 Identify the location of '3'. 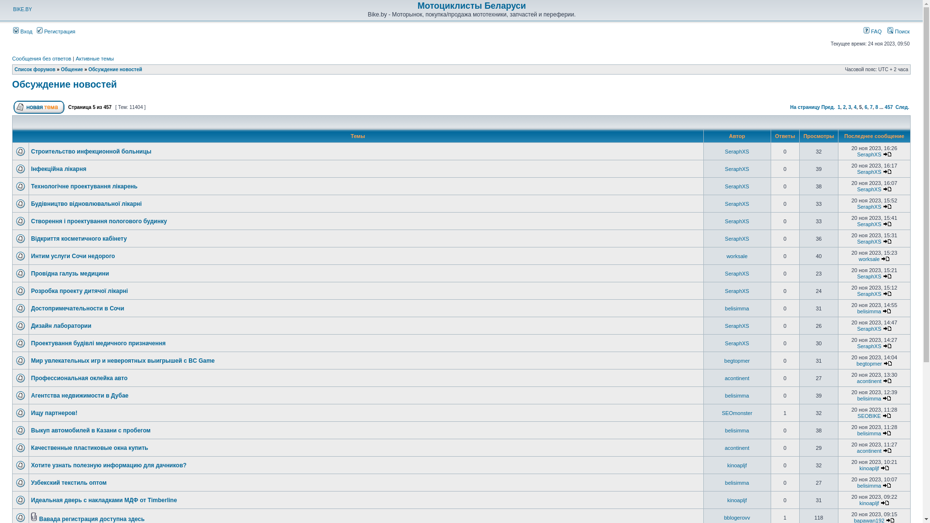
(850, 107).